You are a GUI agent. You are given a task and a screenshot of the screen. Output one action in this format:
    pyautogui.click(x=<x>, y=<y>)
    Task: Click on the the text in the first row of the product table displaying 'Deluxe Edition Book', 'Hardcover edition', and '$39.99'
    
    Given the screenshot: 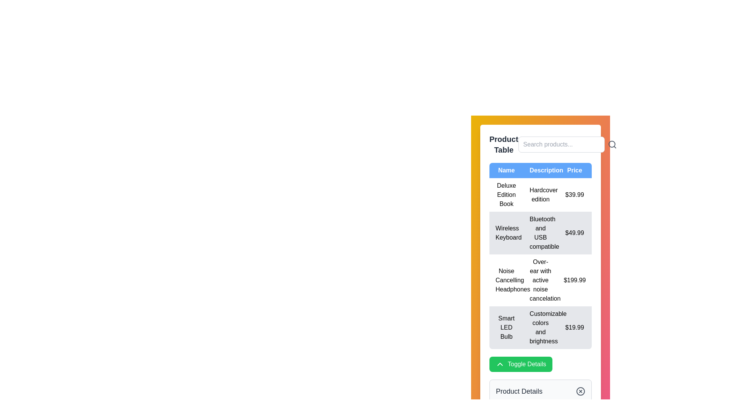 What is the action you would take?
    pyautogui.click(x=540, y=194)
    